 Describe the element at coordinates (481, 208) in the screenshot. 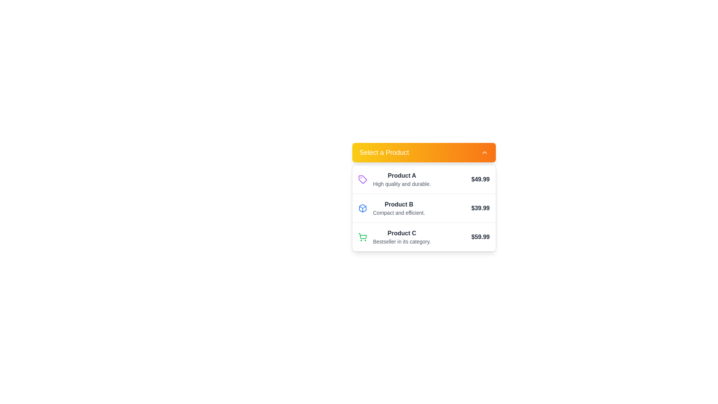

I see `the price label displaying '$39.99' for 'Product B', which is aligned to the far right of the row in the card layout` at that location.